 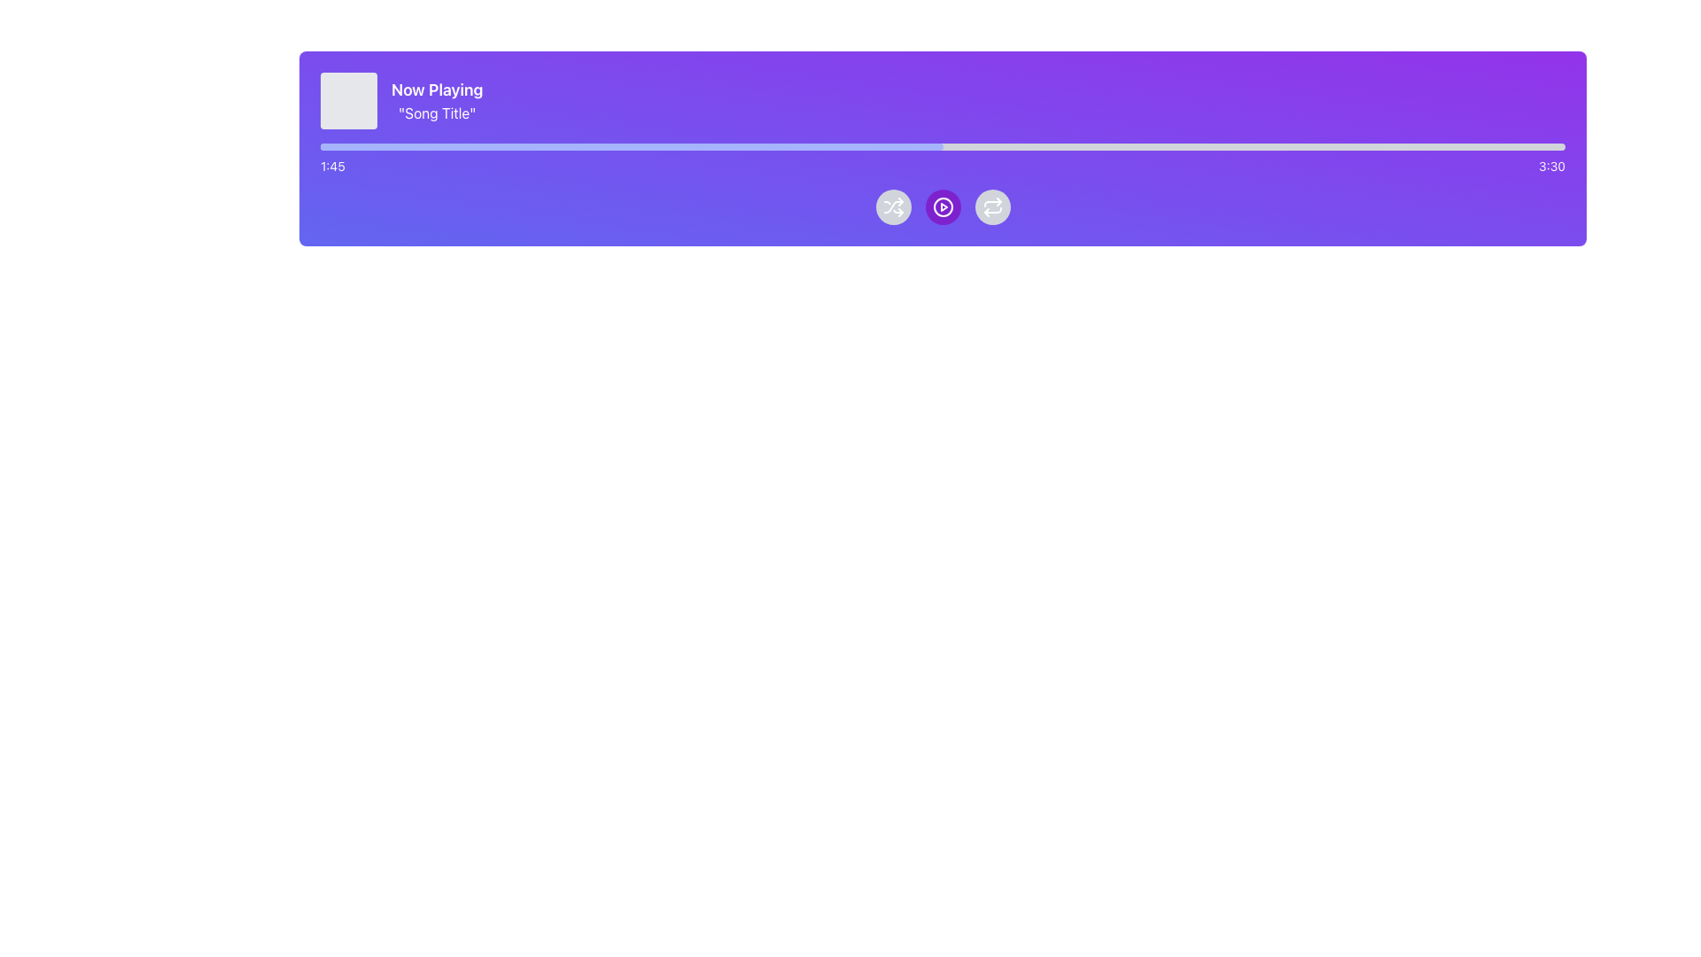 I want to click on playback progress, so click(x=619, y=145).